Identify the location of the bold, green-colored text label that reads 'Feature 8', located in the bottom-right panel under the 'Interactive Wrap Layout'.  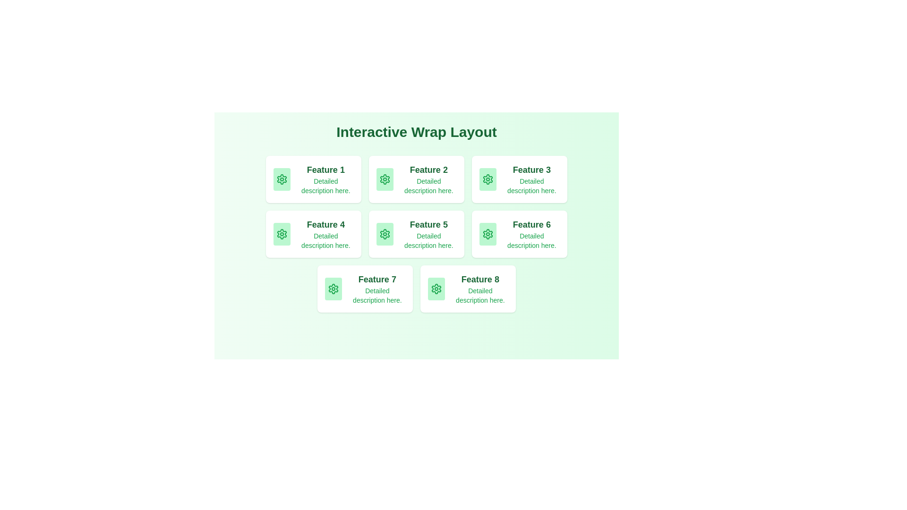
(480, 279).